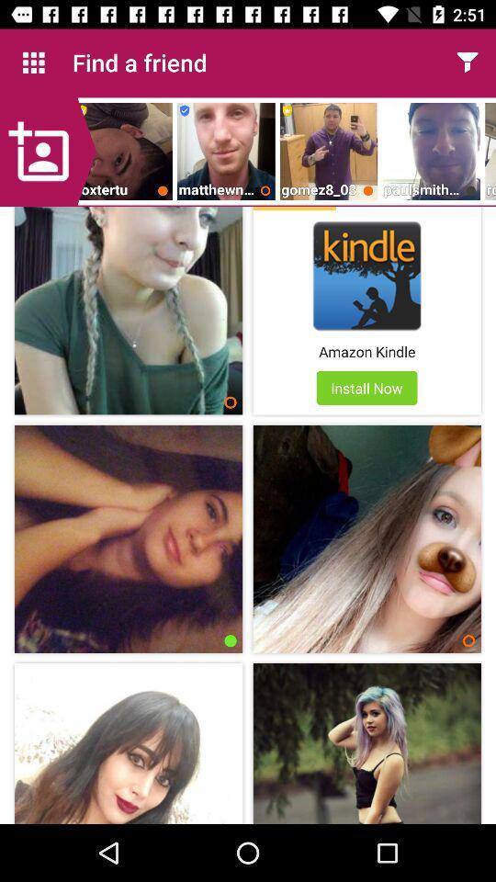 Image resolution: width=496 pixels, height=882 pixels. Describe the element at coordinates (467, 62) in the screenshot. I see `filter` at that location.